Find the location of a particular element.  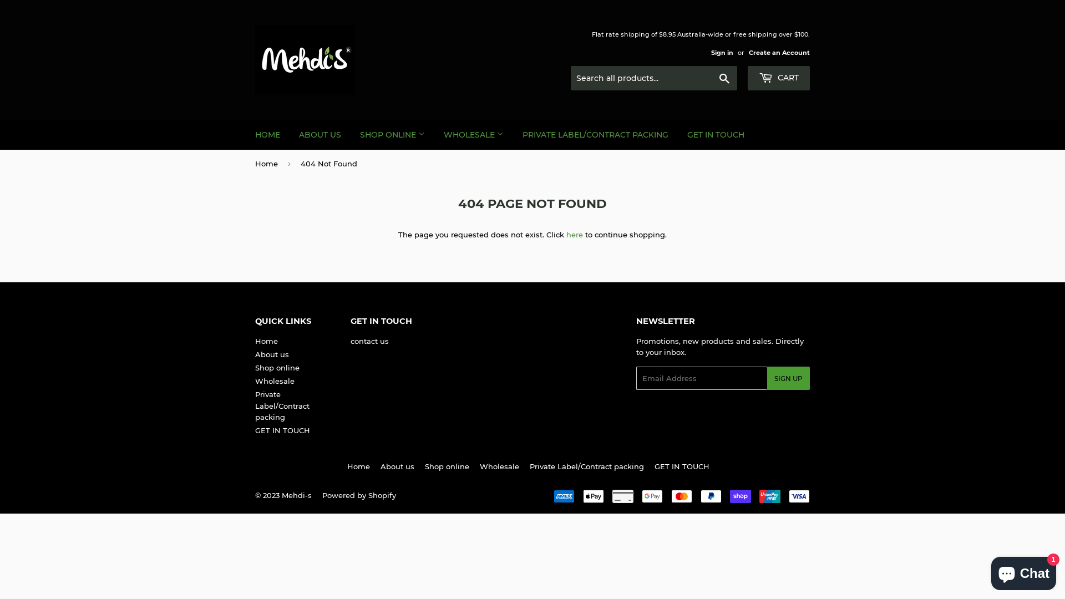

'Mehdi-s' is located at coordinates (282, 495).